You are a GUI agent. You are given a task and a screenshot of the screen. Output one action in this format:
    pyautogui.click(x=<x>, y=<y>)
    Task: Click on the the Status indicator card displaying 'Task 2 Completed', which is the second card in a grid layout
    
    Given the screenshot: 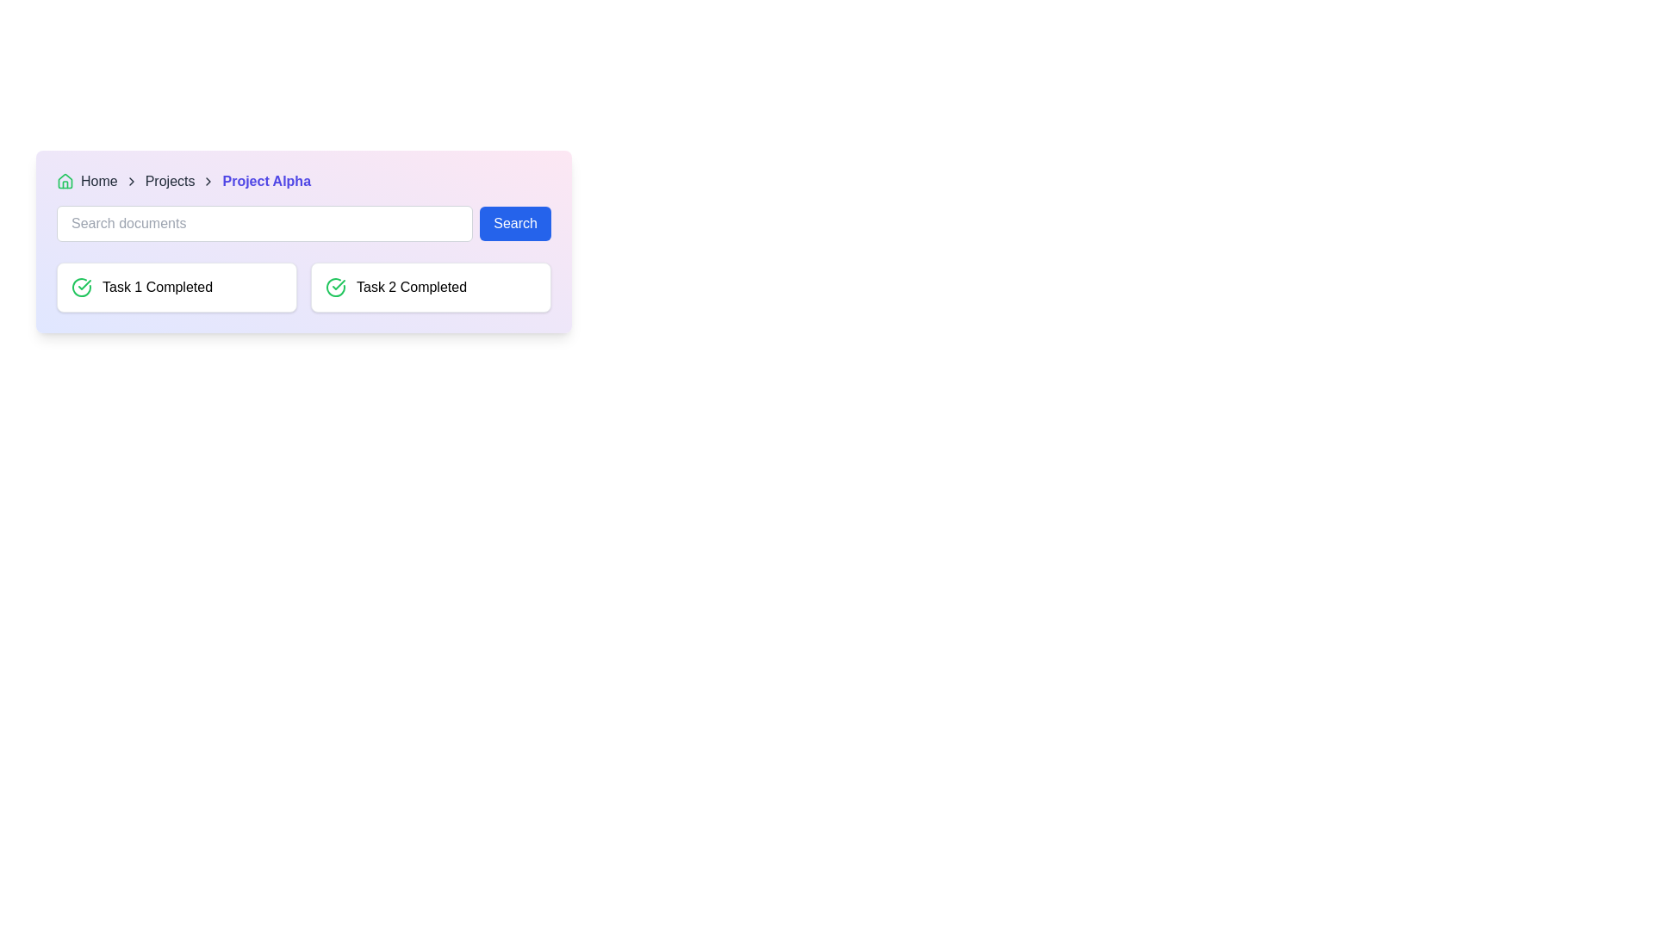 What is the action you would take?
    pyautogui.click(x=431, y=287)
    